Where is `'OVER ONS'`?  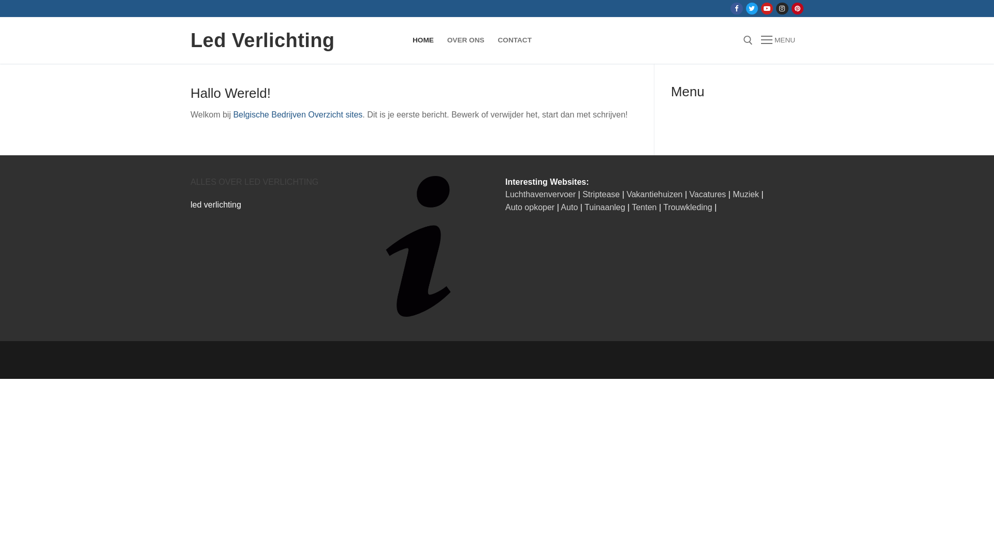 'OVER ONS' is located at coordinates (465, 39).